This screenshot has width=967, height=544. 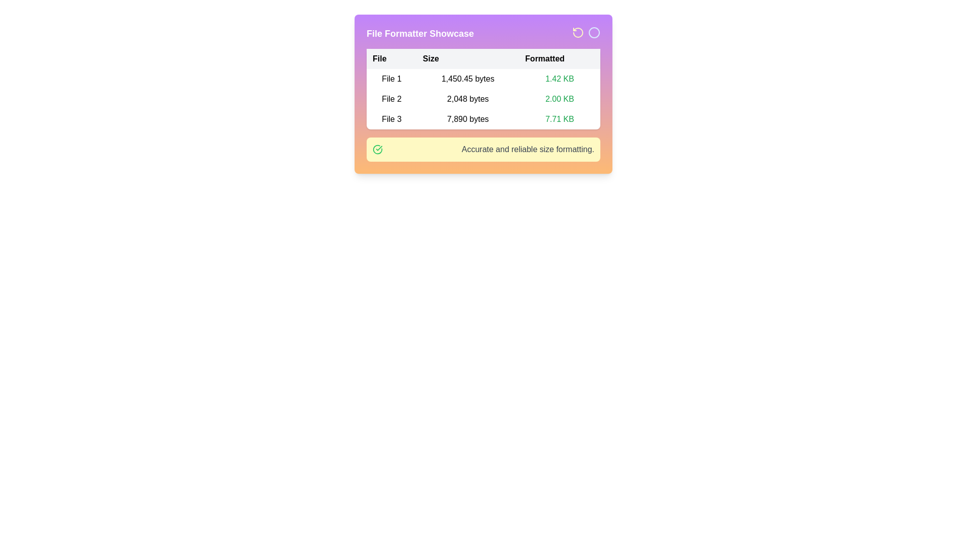 I want to click on the visual change of the green checkmark icon, which indicates success, positioned to the left of the text 'Accurate and reliable size formatting.', so click(x=377, y=150).